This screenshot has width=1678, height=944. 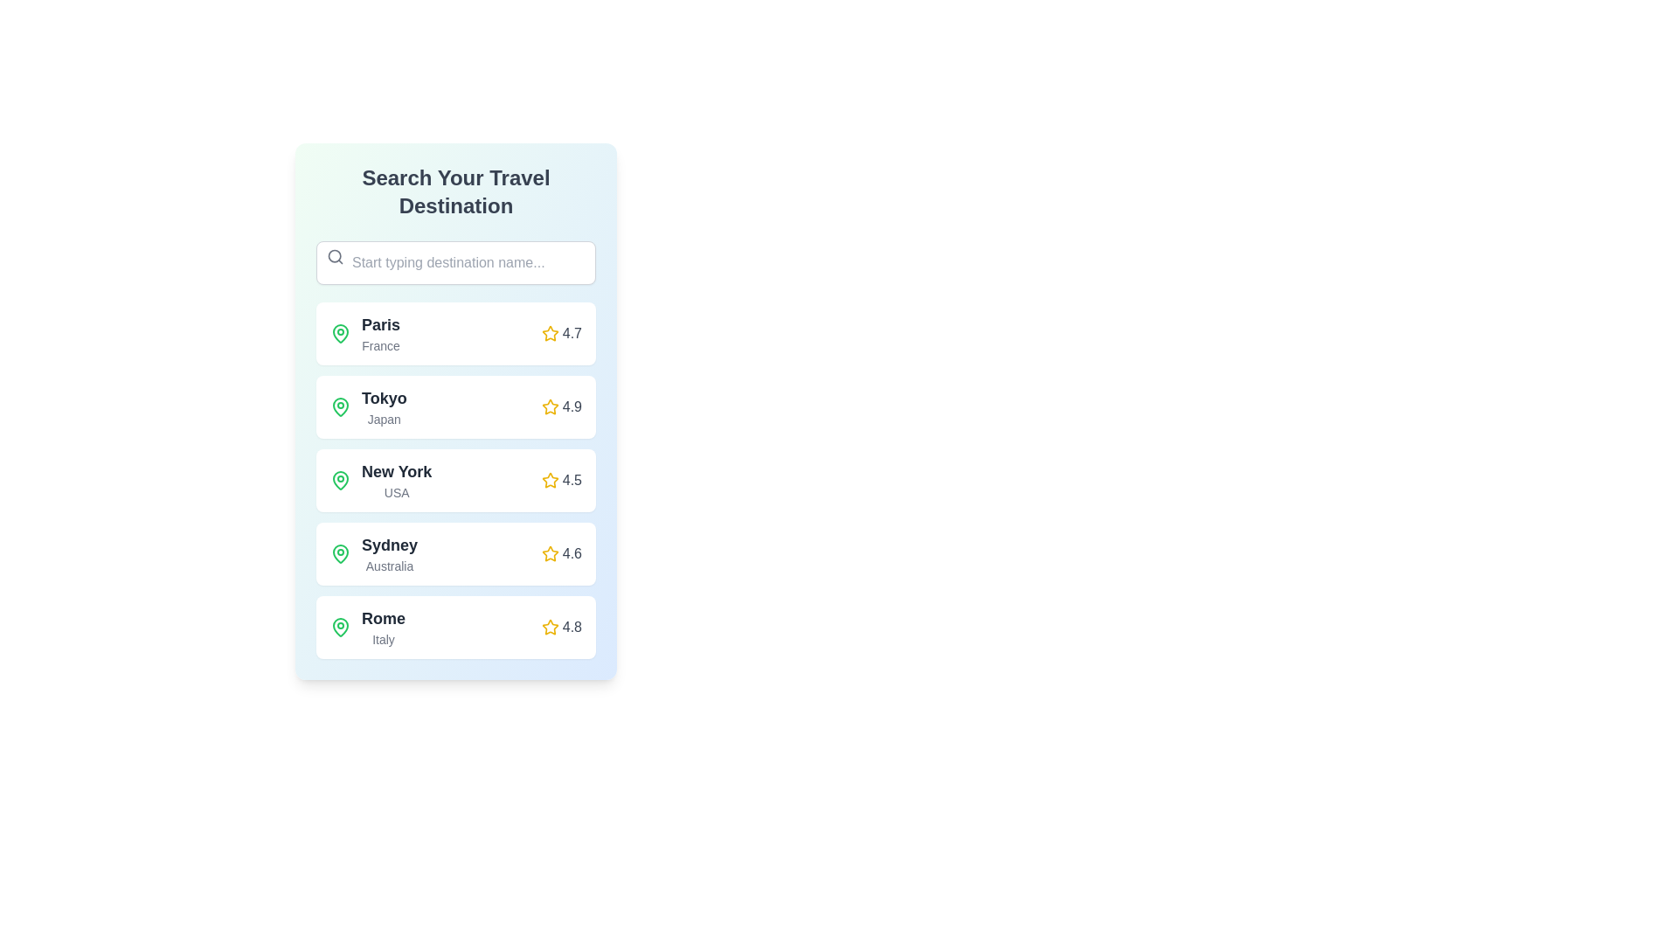 What do you see at coordinates (336, 256) in the screenshot?
I see `the magnifying glass icon located within the search input field to initiate the search operation` at bounding box center [336, 256].